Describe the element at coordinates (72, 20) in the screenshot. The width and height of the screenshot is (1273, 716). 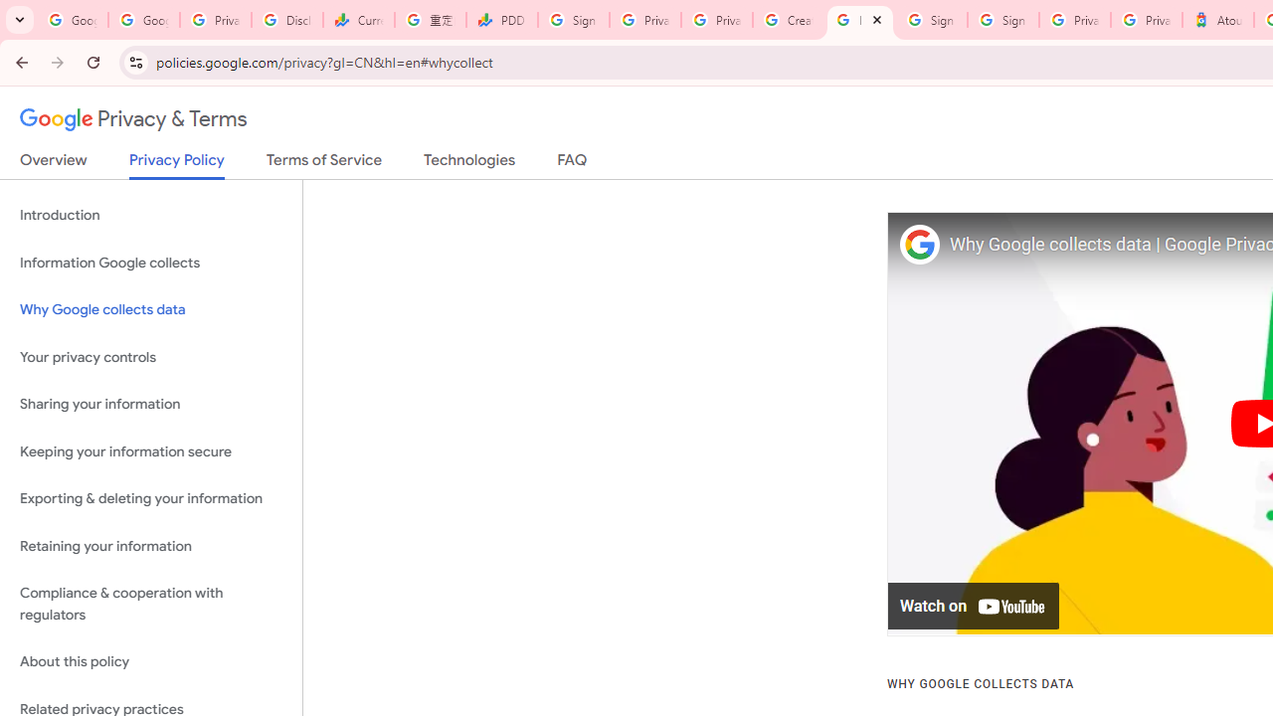
I see `'Google Workspace Admin Community'` at that location.